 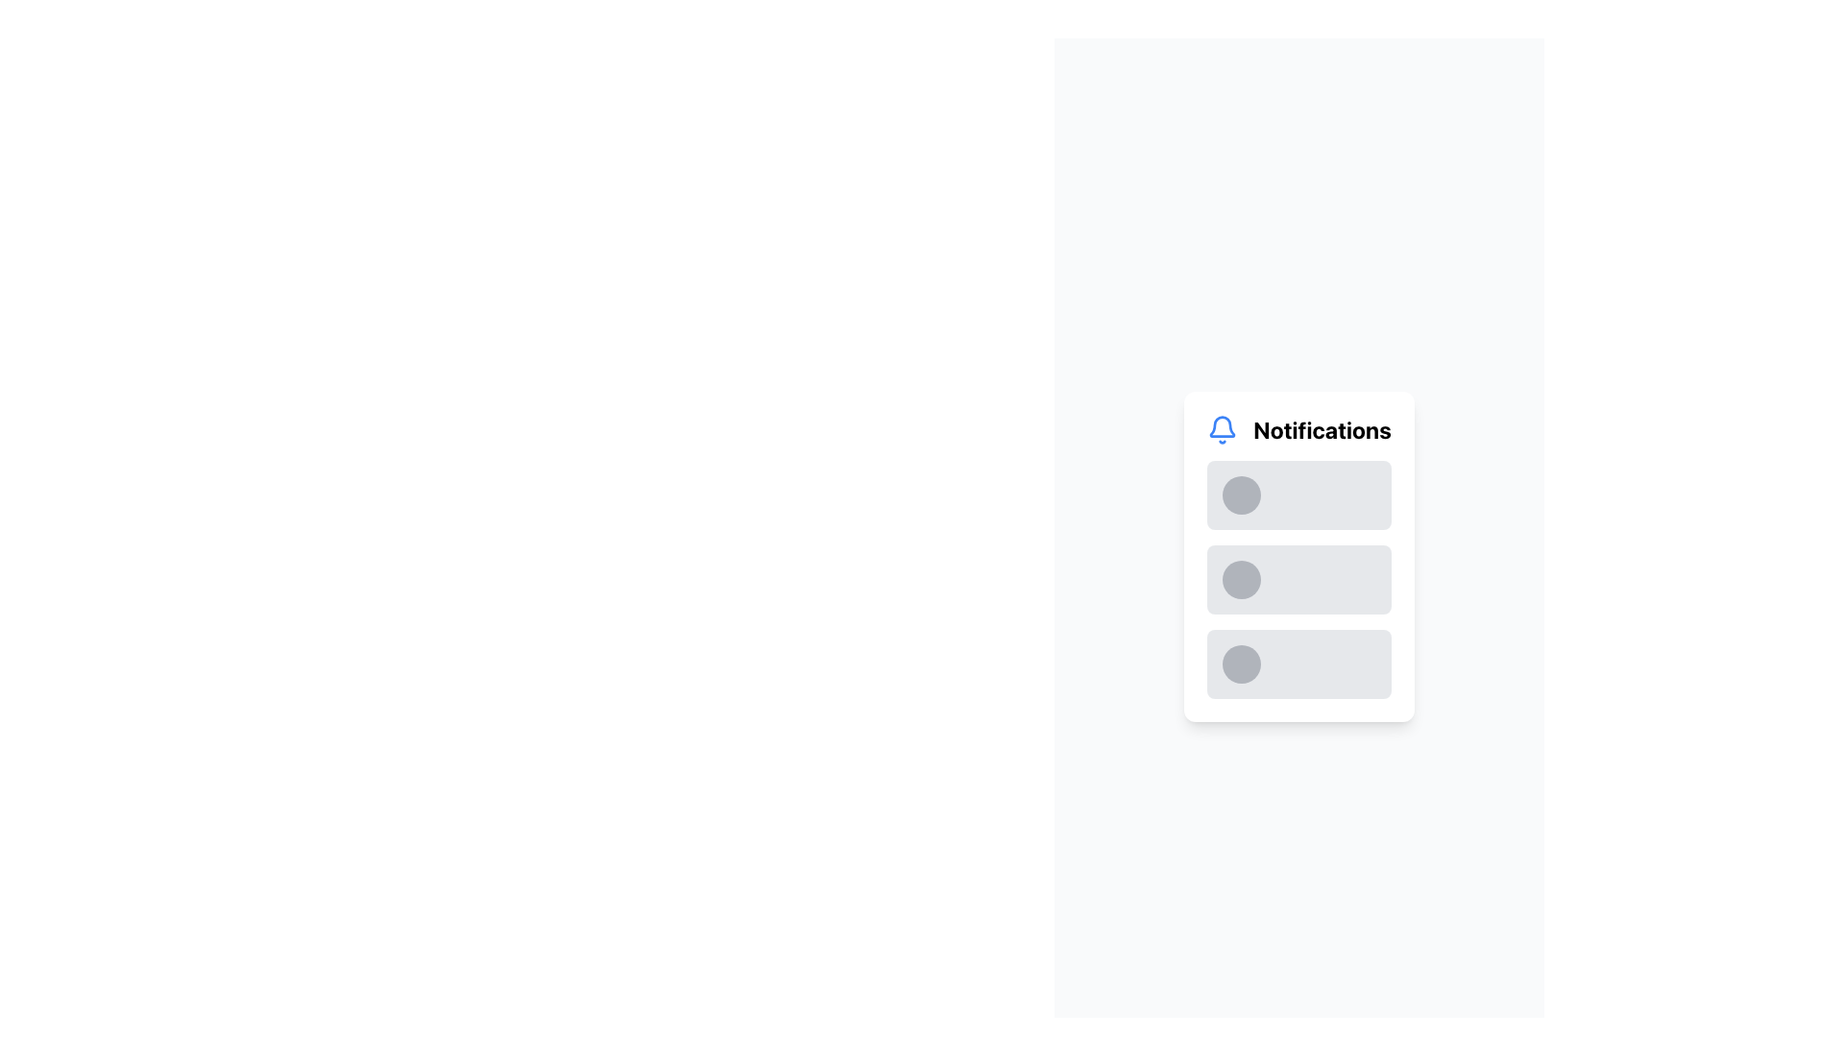 What do you see at coordinates (1299, 494) in the screenshot?
I see `the first Placeholder card in the notifications panel, located at the top of the list under the 'Notifications' title` at bounding box center [1299, 494].